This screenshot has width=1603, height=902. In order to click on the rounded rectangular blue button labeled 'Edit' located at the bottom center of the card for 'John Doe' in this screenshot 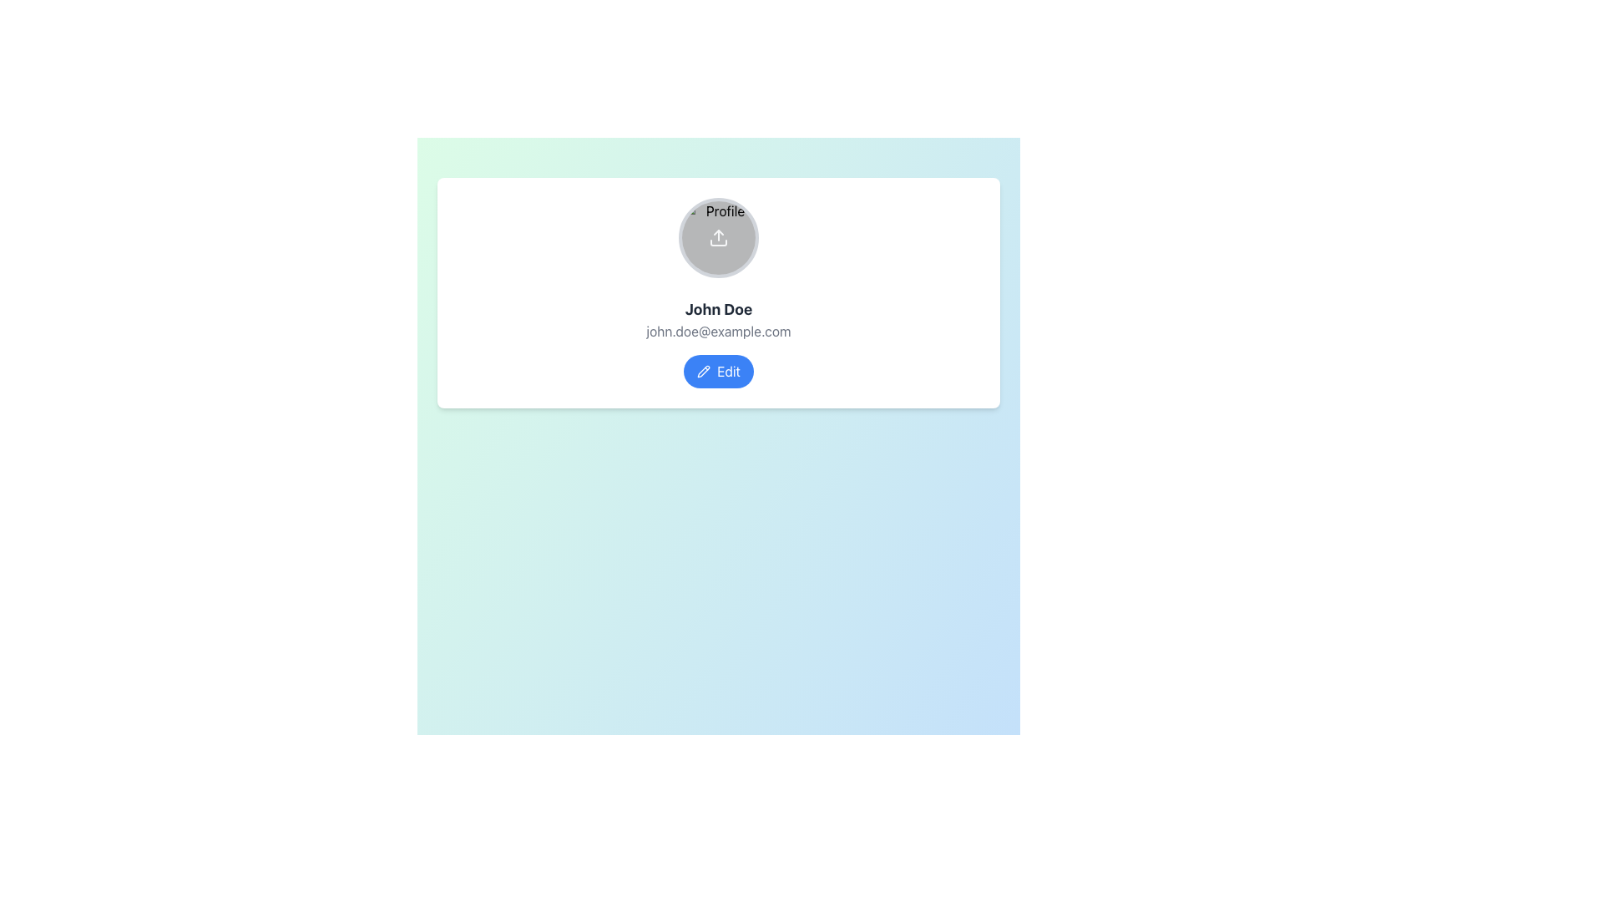, I will do `click(718, 370)`.